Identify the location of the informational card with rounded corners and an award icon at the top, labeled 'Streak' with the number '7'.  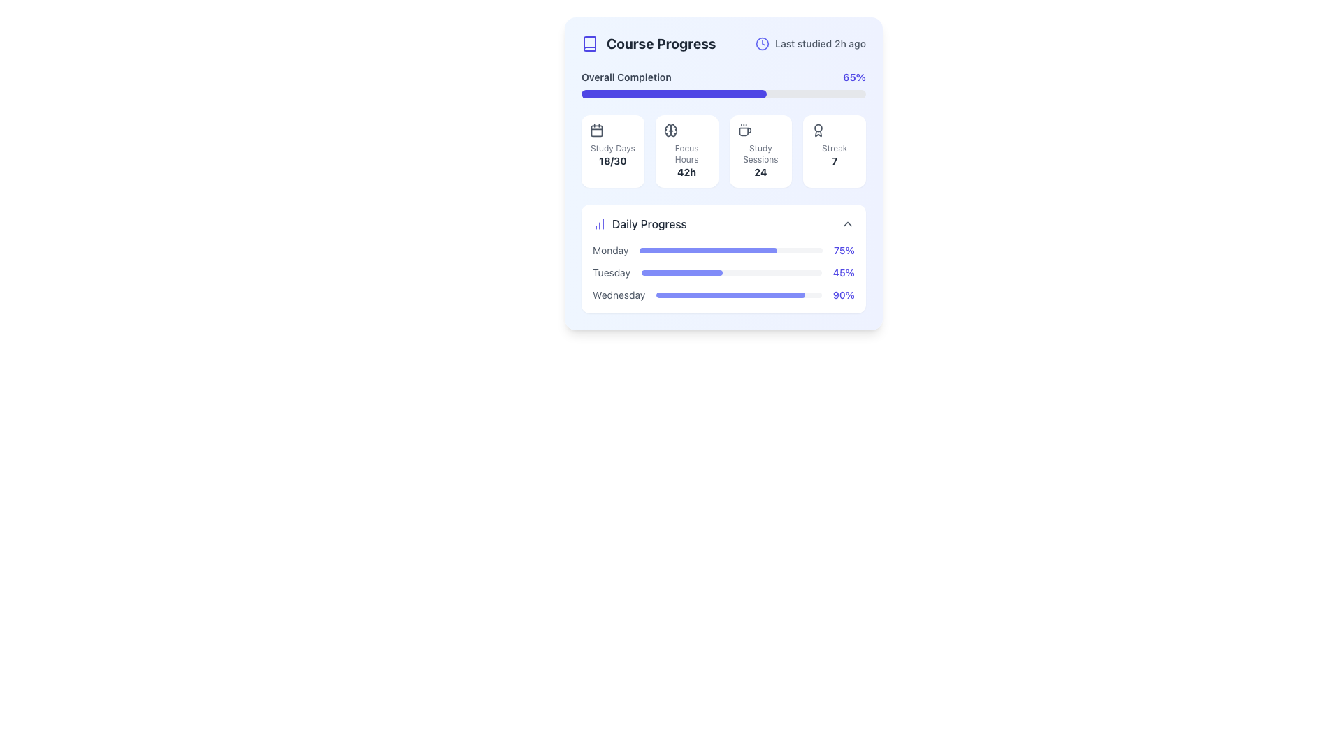
(835, 151).